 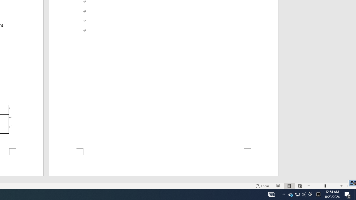 What do you see at coordinates (355, 194) in the screenshot?
I see `'Show desktop'` at bounding box center [355, 194].